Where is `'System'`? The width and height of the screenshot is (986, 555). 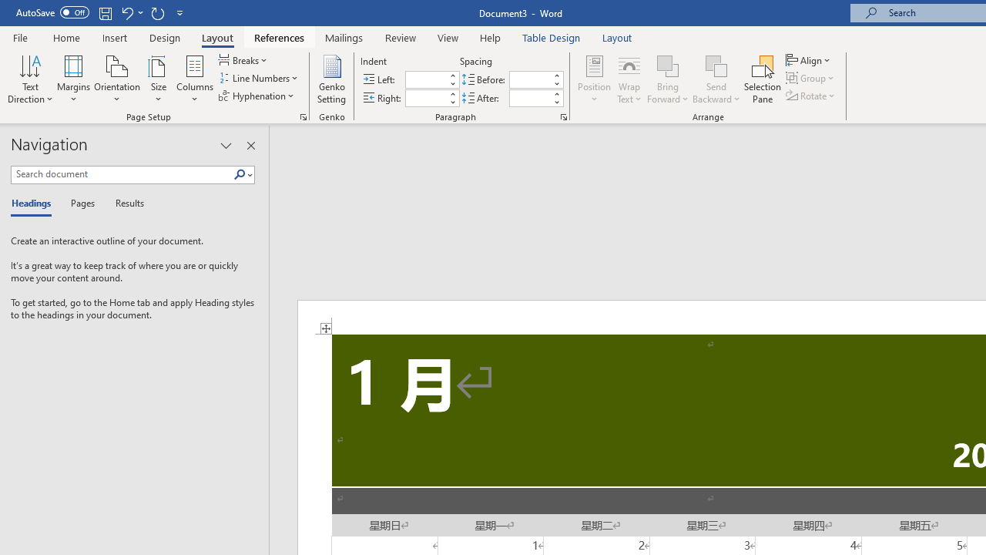 'System' is located at coordinates (8, 8).